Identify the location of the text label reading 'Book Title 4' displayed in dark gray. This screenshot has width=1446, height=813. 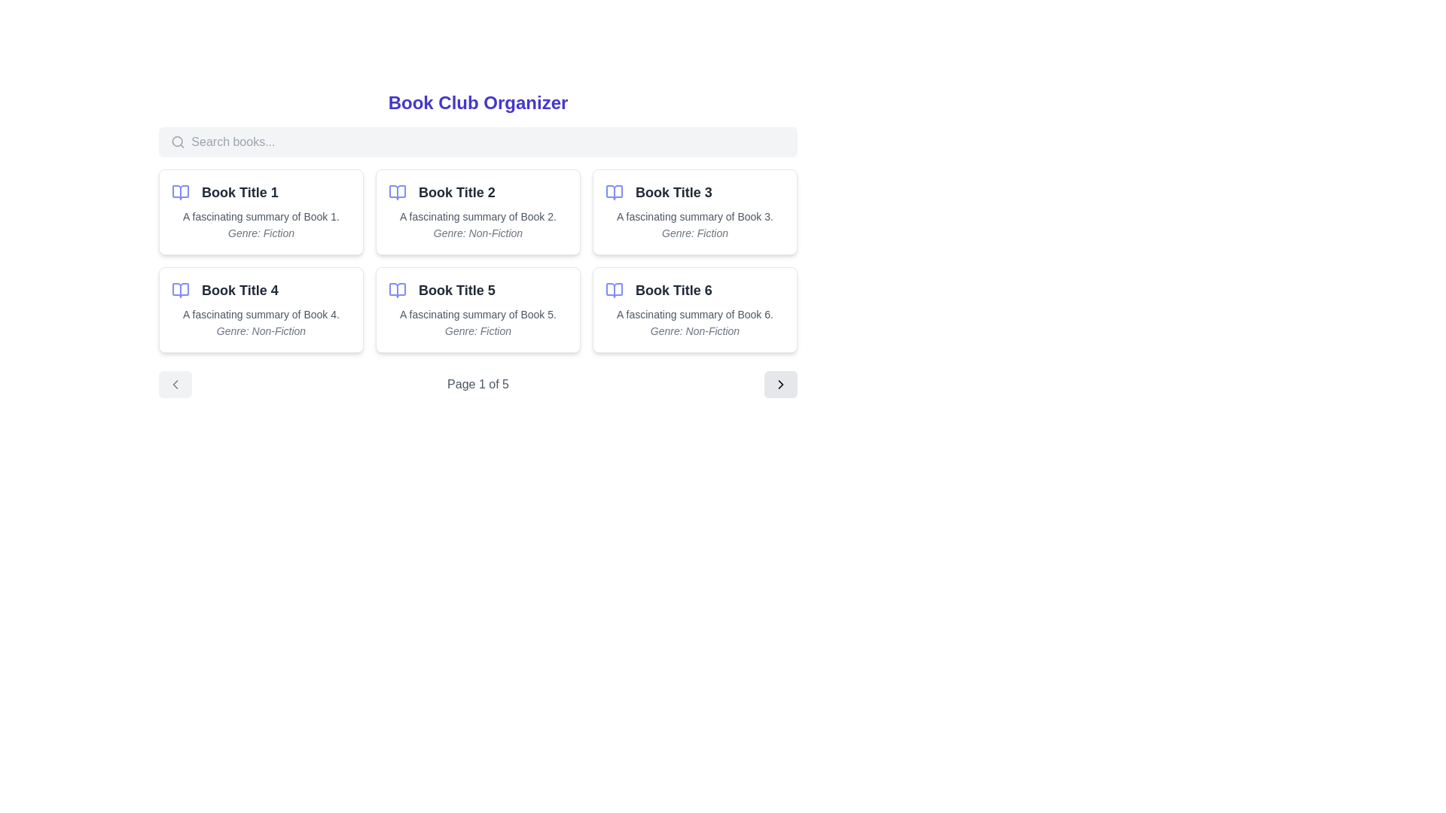
(239, 290).